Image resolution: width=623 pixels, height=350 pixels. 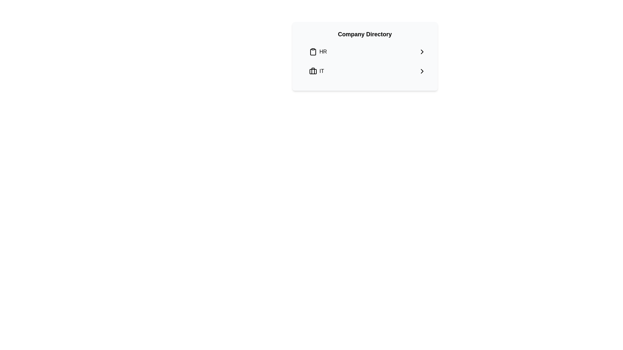 What do you see at coordinates (422, 51) in the screenshot?
I see `the right-pointing arrow icon button located at the far-right side of the card under the 'HR' section` at bounding box center [422, 51].